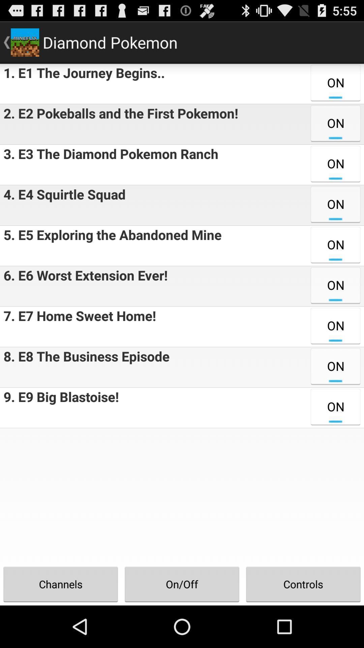  Describe the element at coordinates (84, 367) in the screenshot. I see `icon to the left of on icon` at that location.